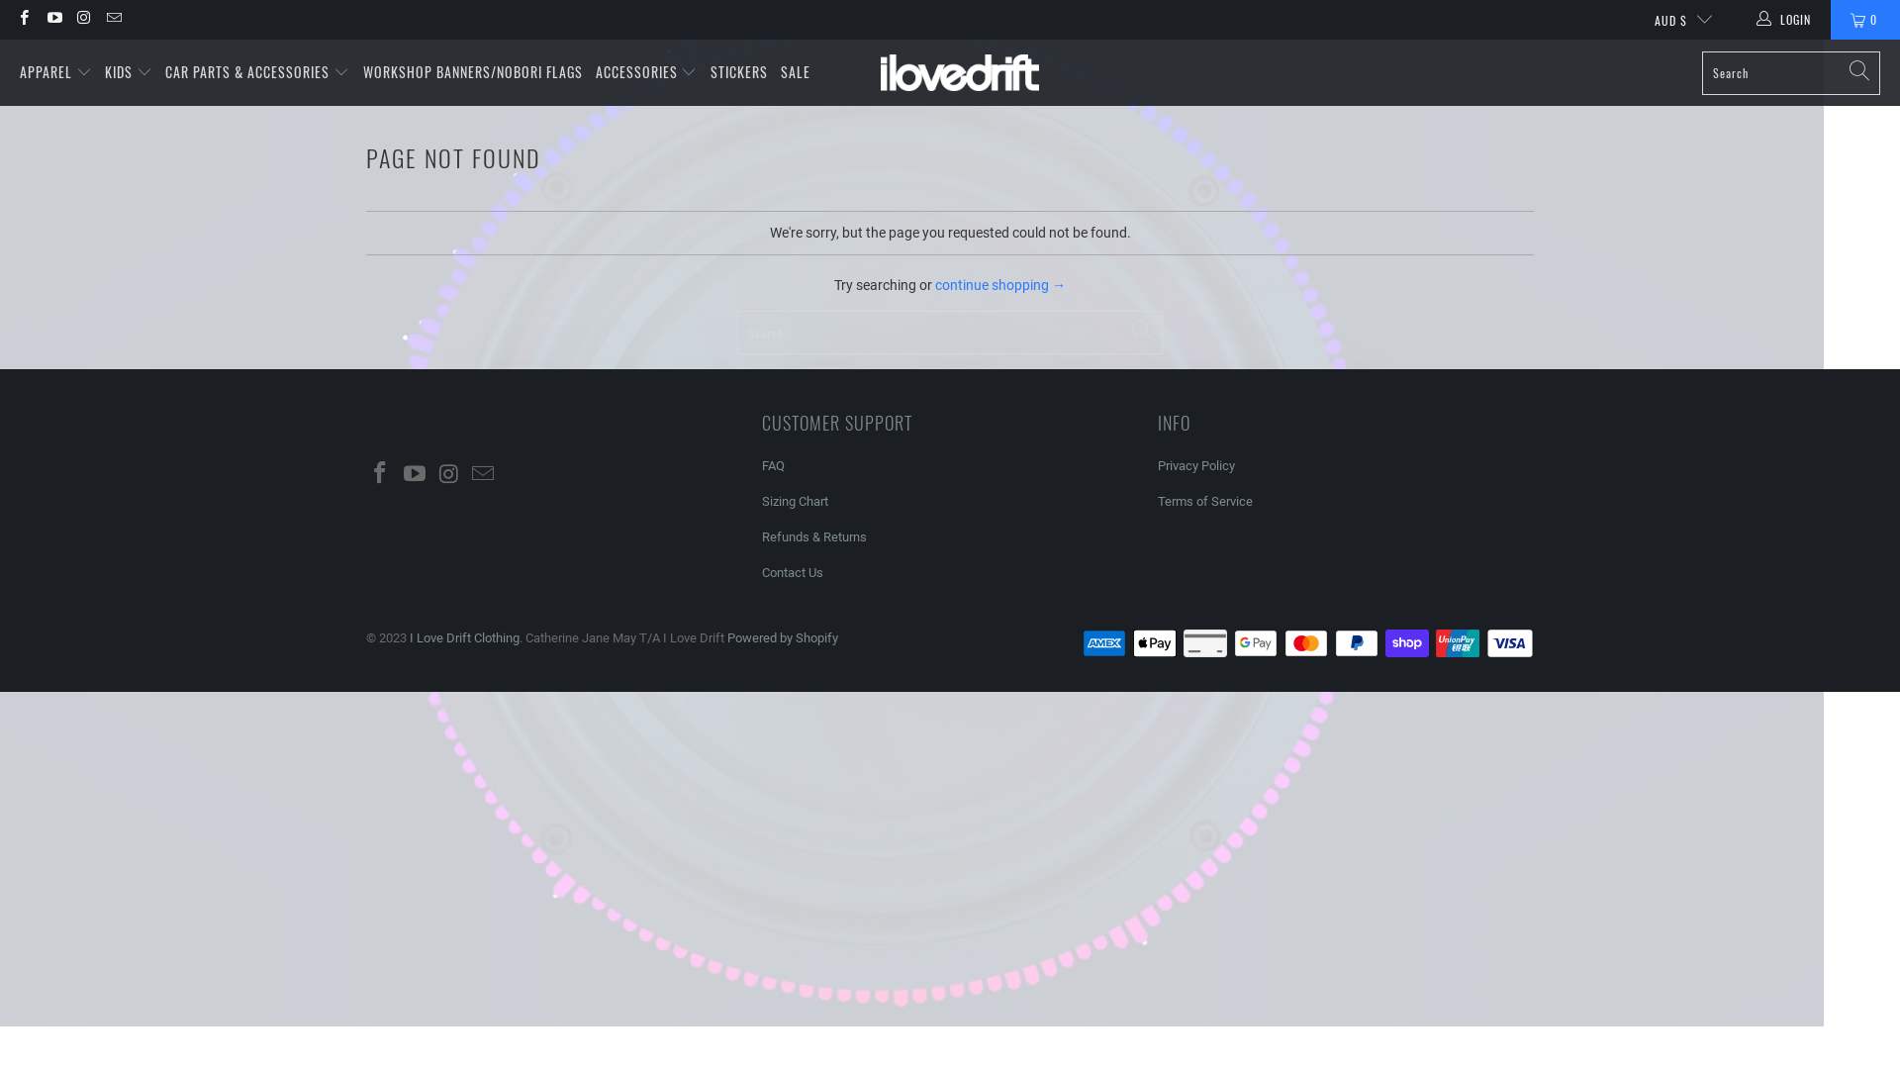 Image resolution: width=1900 pixels, height=1069 pixels. I want to click on 'AUD $', so click(1674, 19).